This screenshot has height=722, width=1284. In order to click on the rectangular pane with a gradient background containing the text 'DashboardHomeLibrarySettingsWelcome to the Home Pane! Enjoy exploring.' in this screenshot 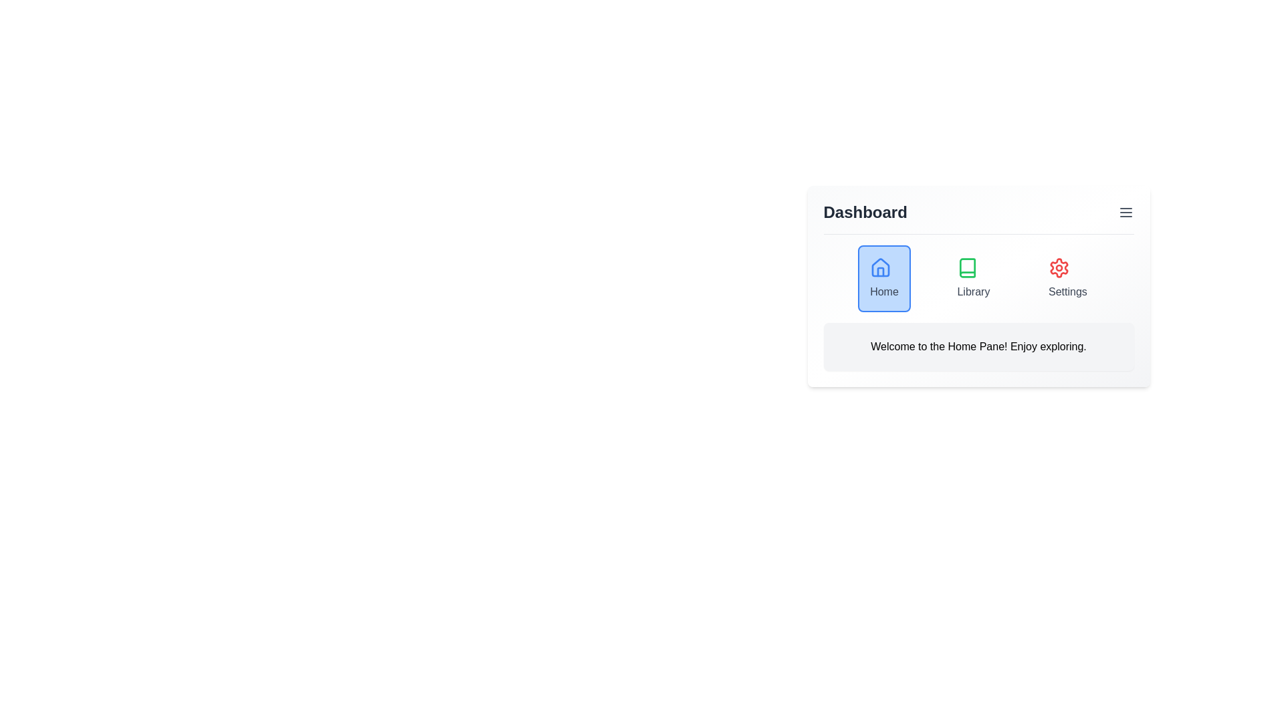, I will do `click(978, 285)`.